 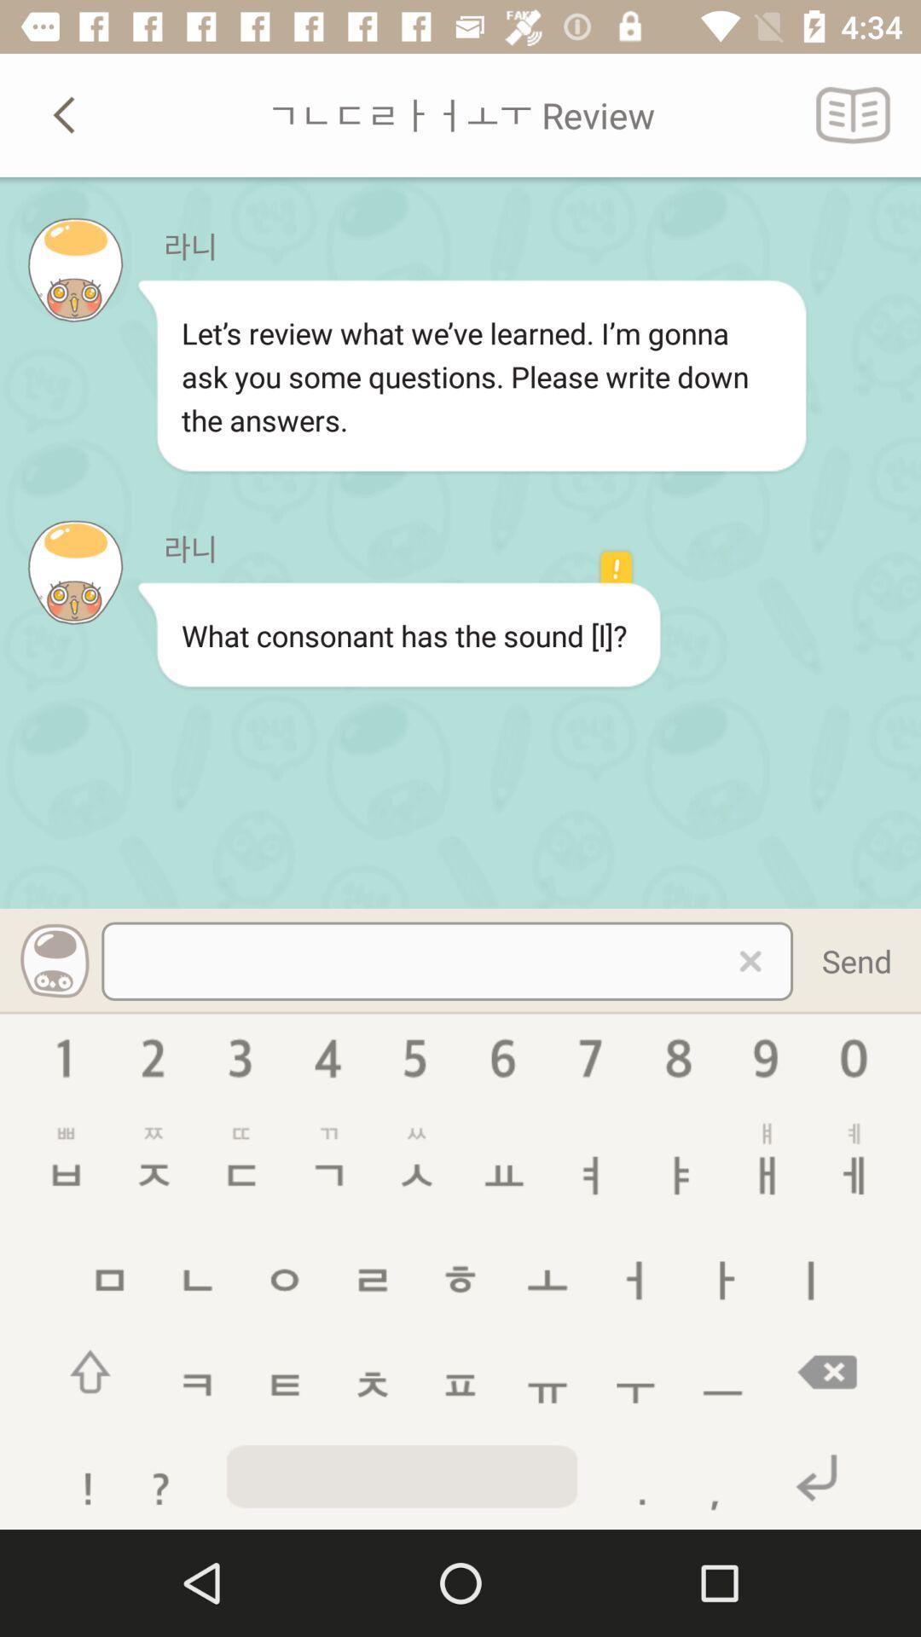 What do you see at coordinates (459, 1267) in the screenshot?
I see `the emoji icon` at bounding box center [459, 1267].